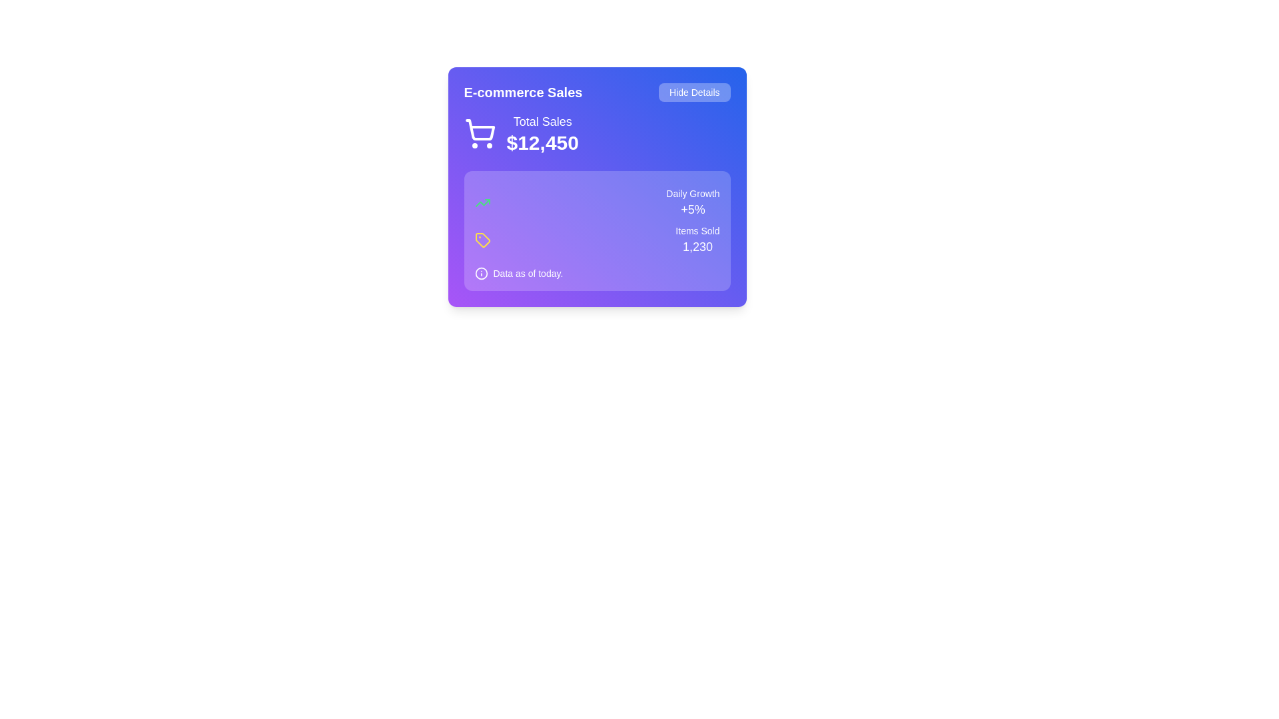  I want to click on the text block displaying the daily growth percentage located within the purple panel in the lower-right section, adjacent to the 'Items Sold 1,230' label, so click(693, 202).